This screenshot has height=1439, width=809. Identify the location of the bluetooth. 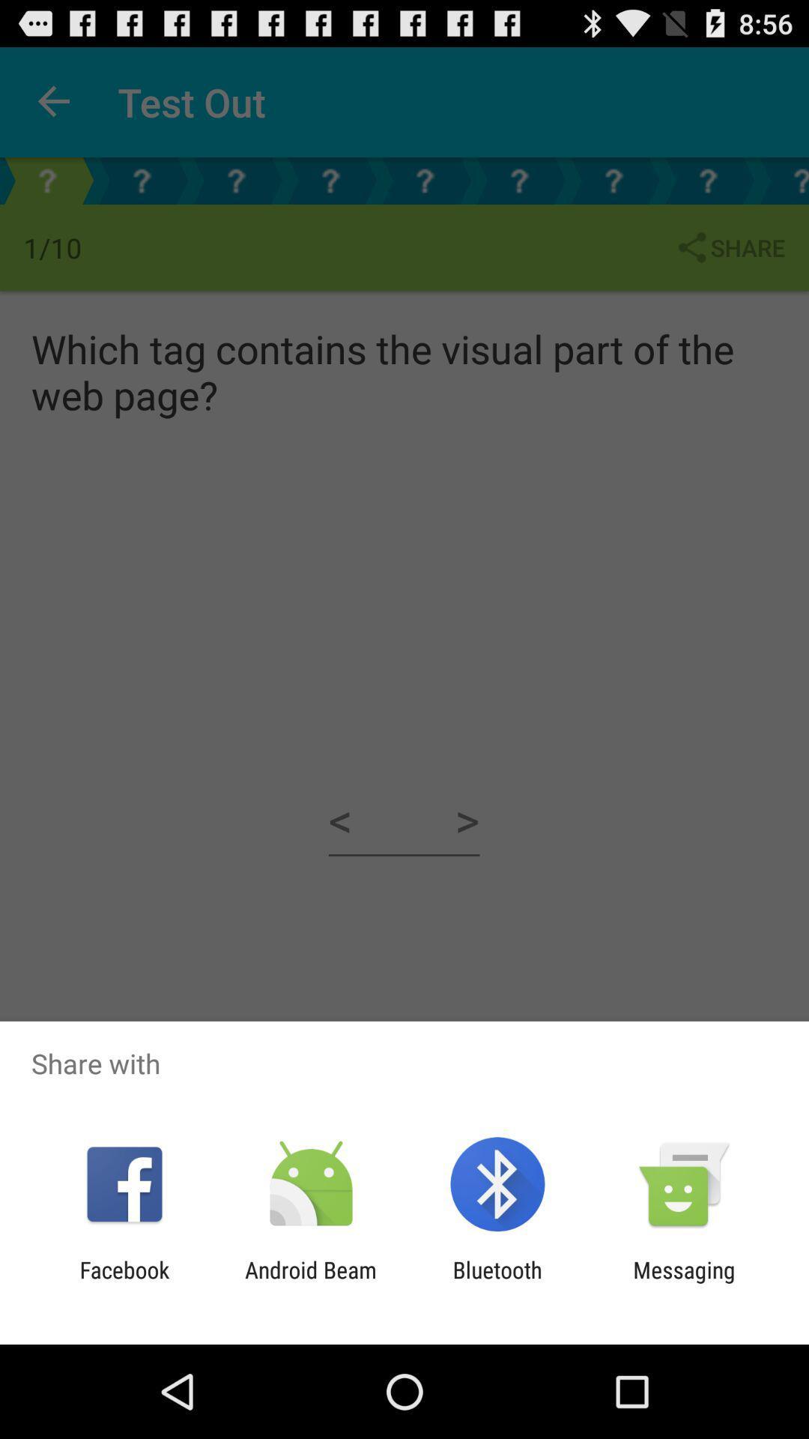
(497, 1282).